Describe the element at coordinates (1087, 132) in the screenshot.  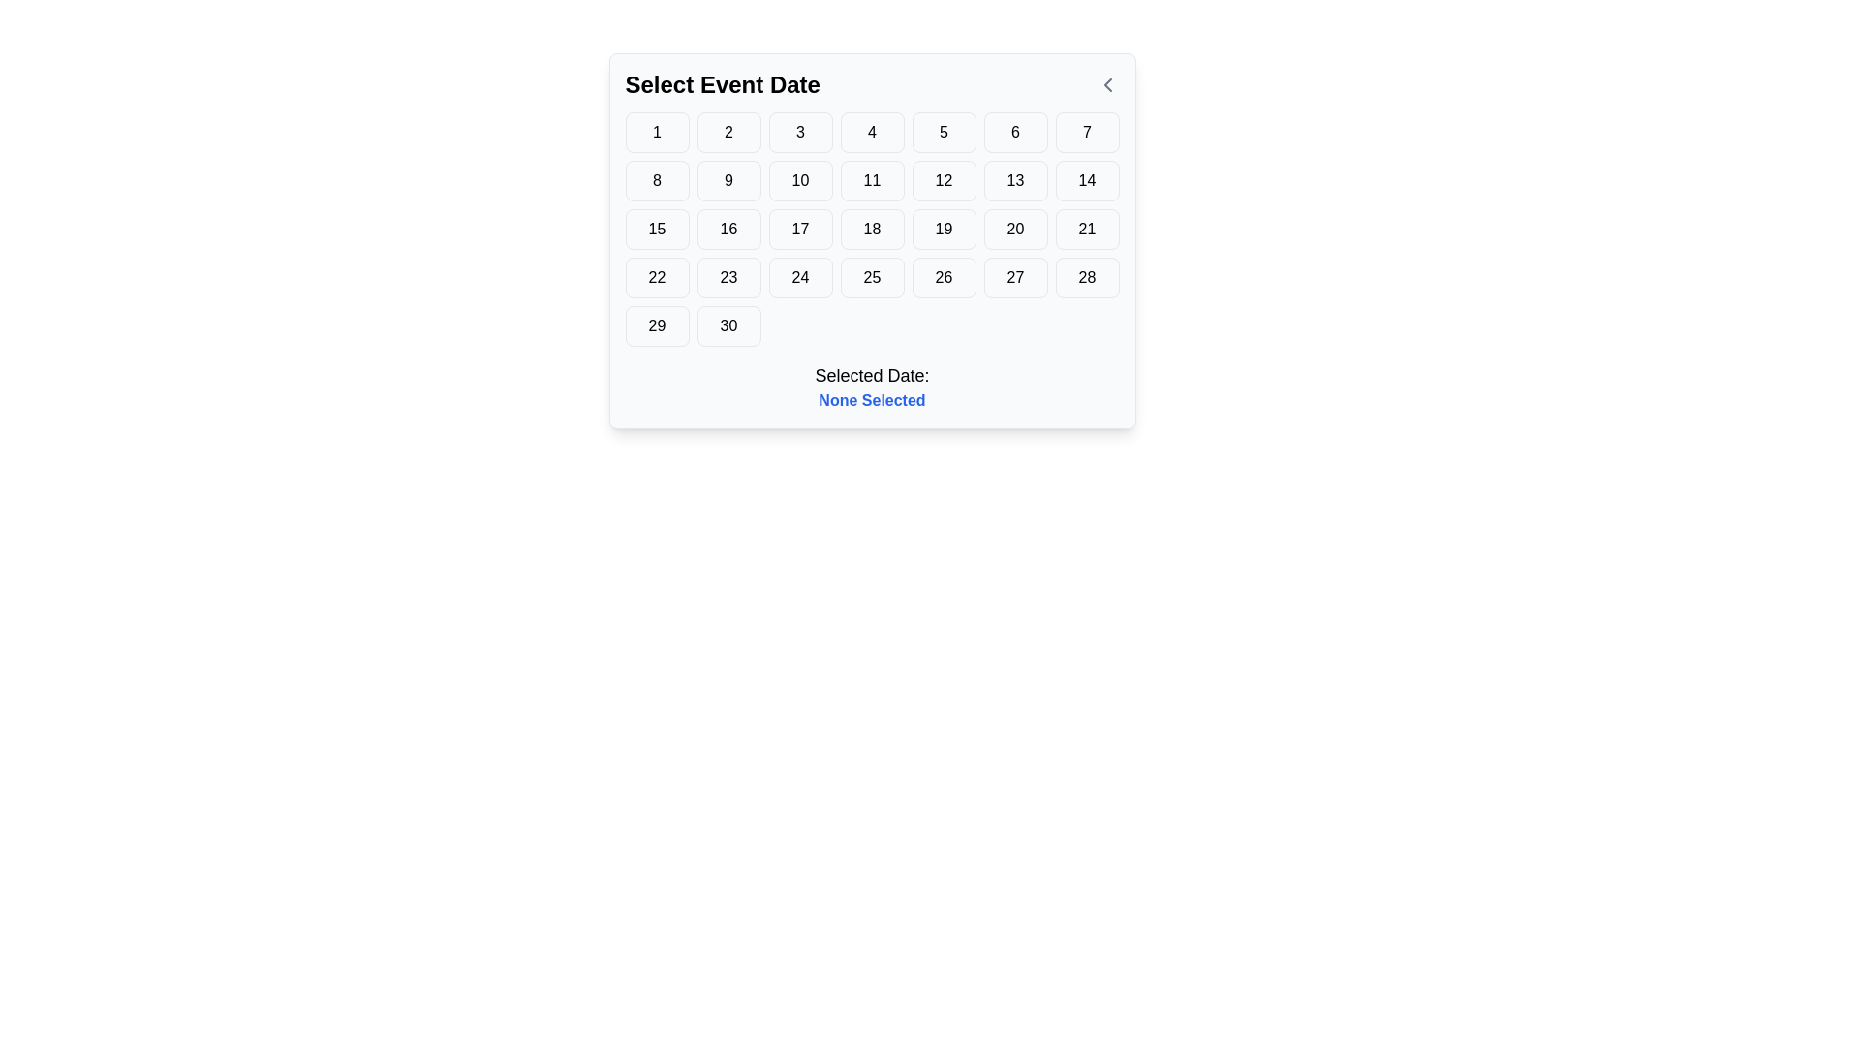
I see `the rectangular button with rounded borders that has a light gray background and black centered text displaying the number '7'` at that location.